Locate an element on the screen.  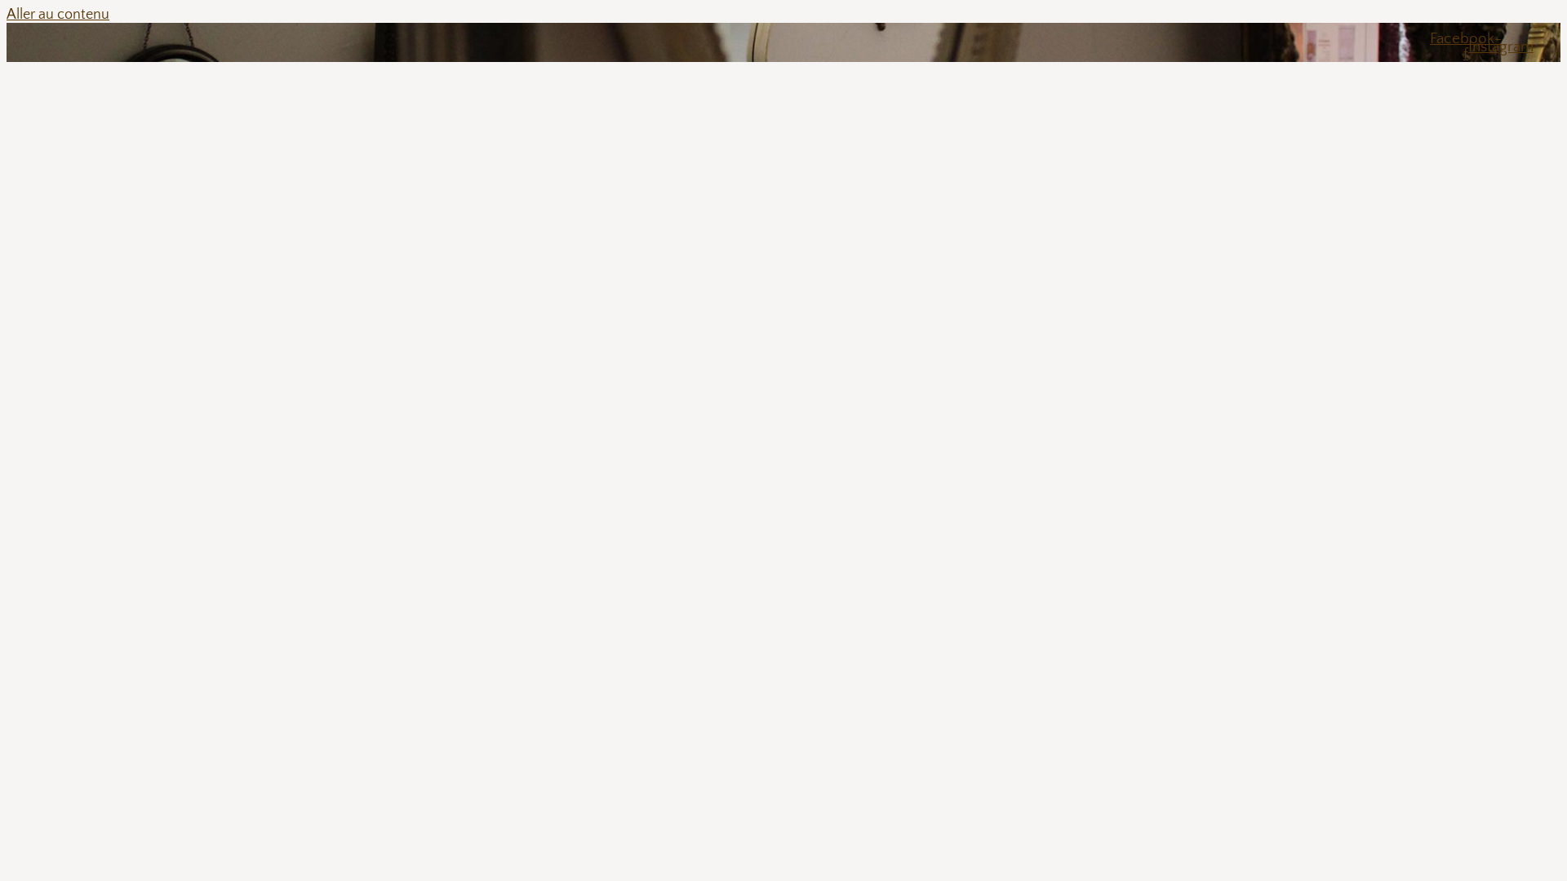
'Facebook-f' is located at coordinates (1465, 46).